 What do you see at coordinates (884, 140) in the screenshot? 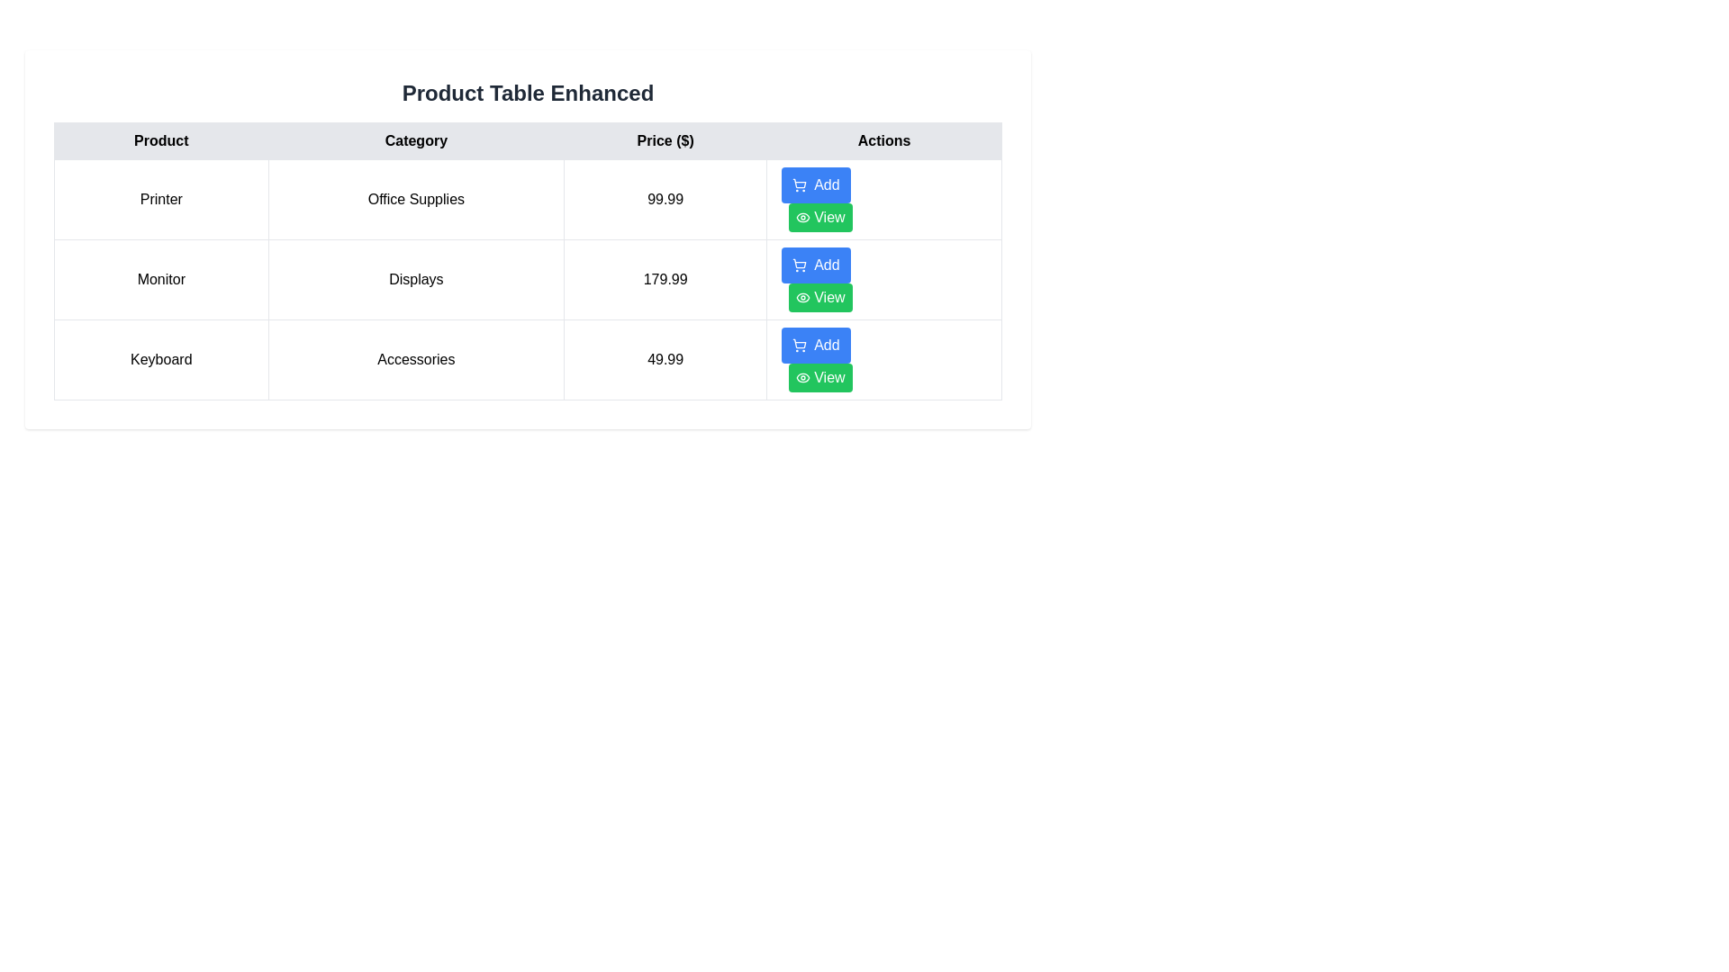
I see `the 'Actions' table header element, which is the fourth column header in a table, displaying the text in bold and centered within a light gray background` at bounding box center [884, 140].